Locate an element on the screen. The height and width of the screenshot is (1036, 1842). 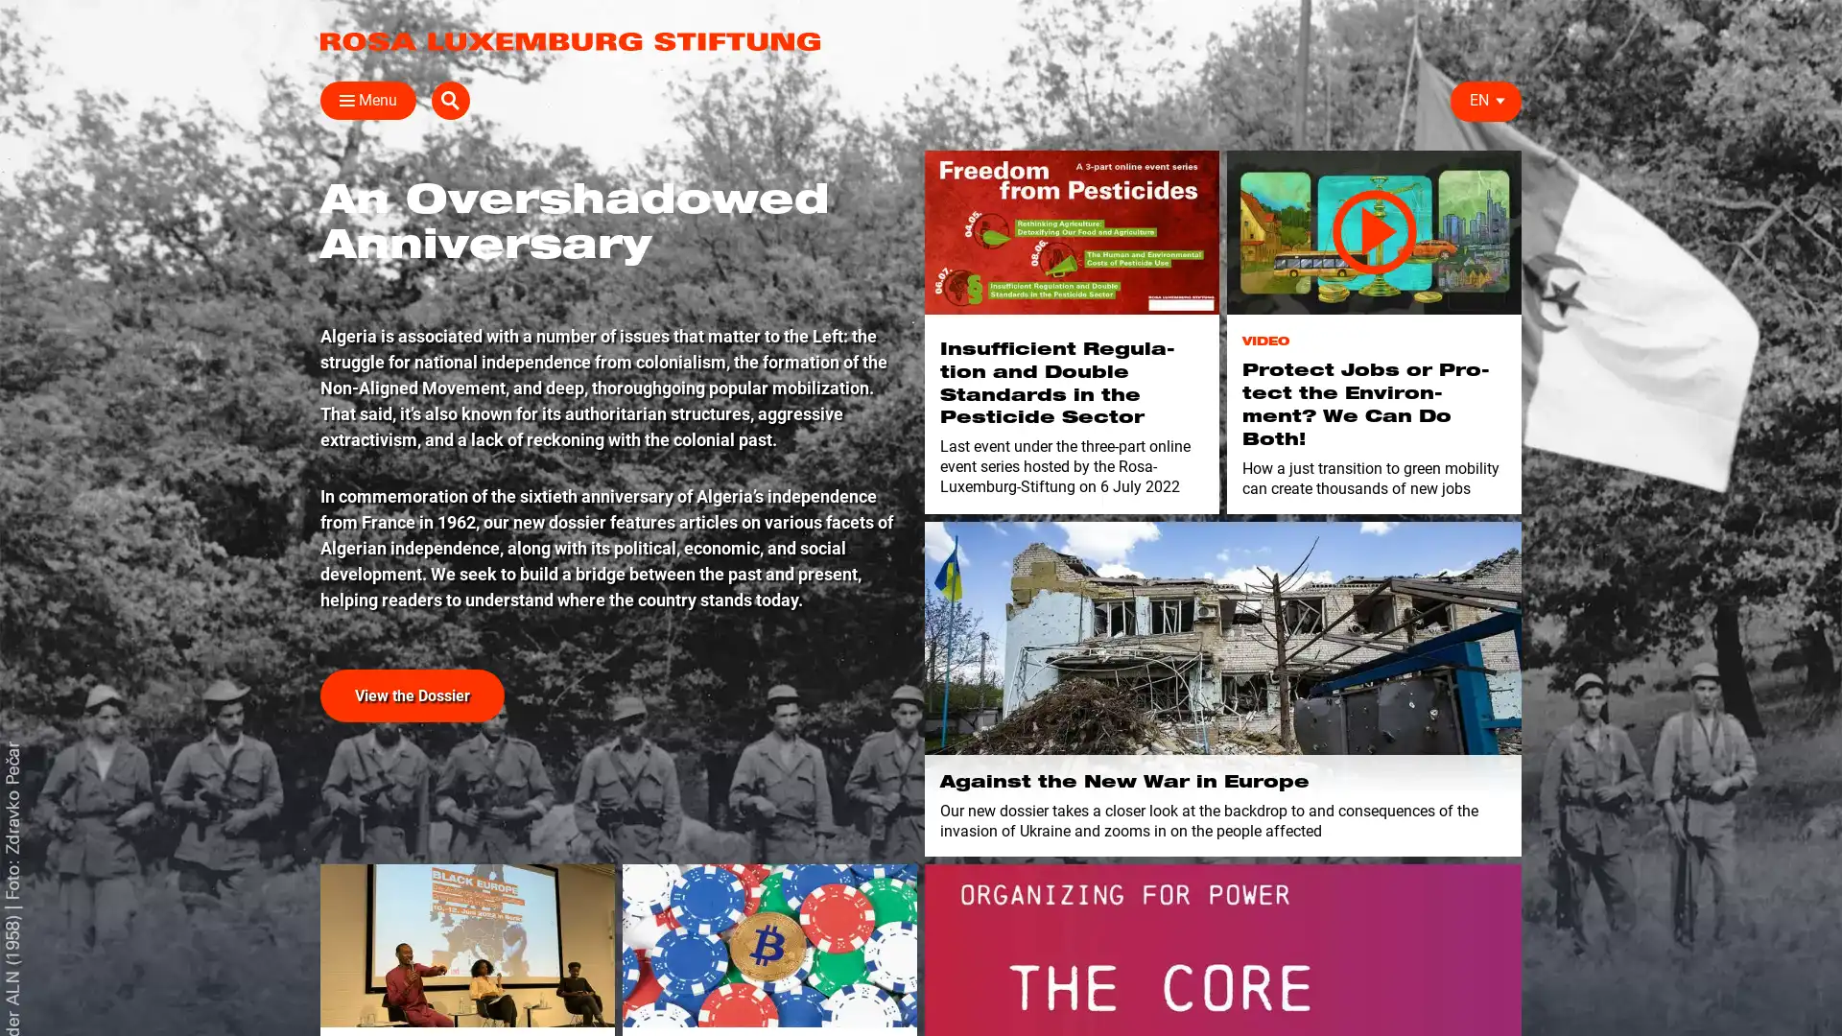
Close is located at coordinates (1499, 140).